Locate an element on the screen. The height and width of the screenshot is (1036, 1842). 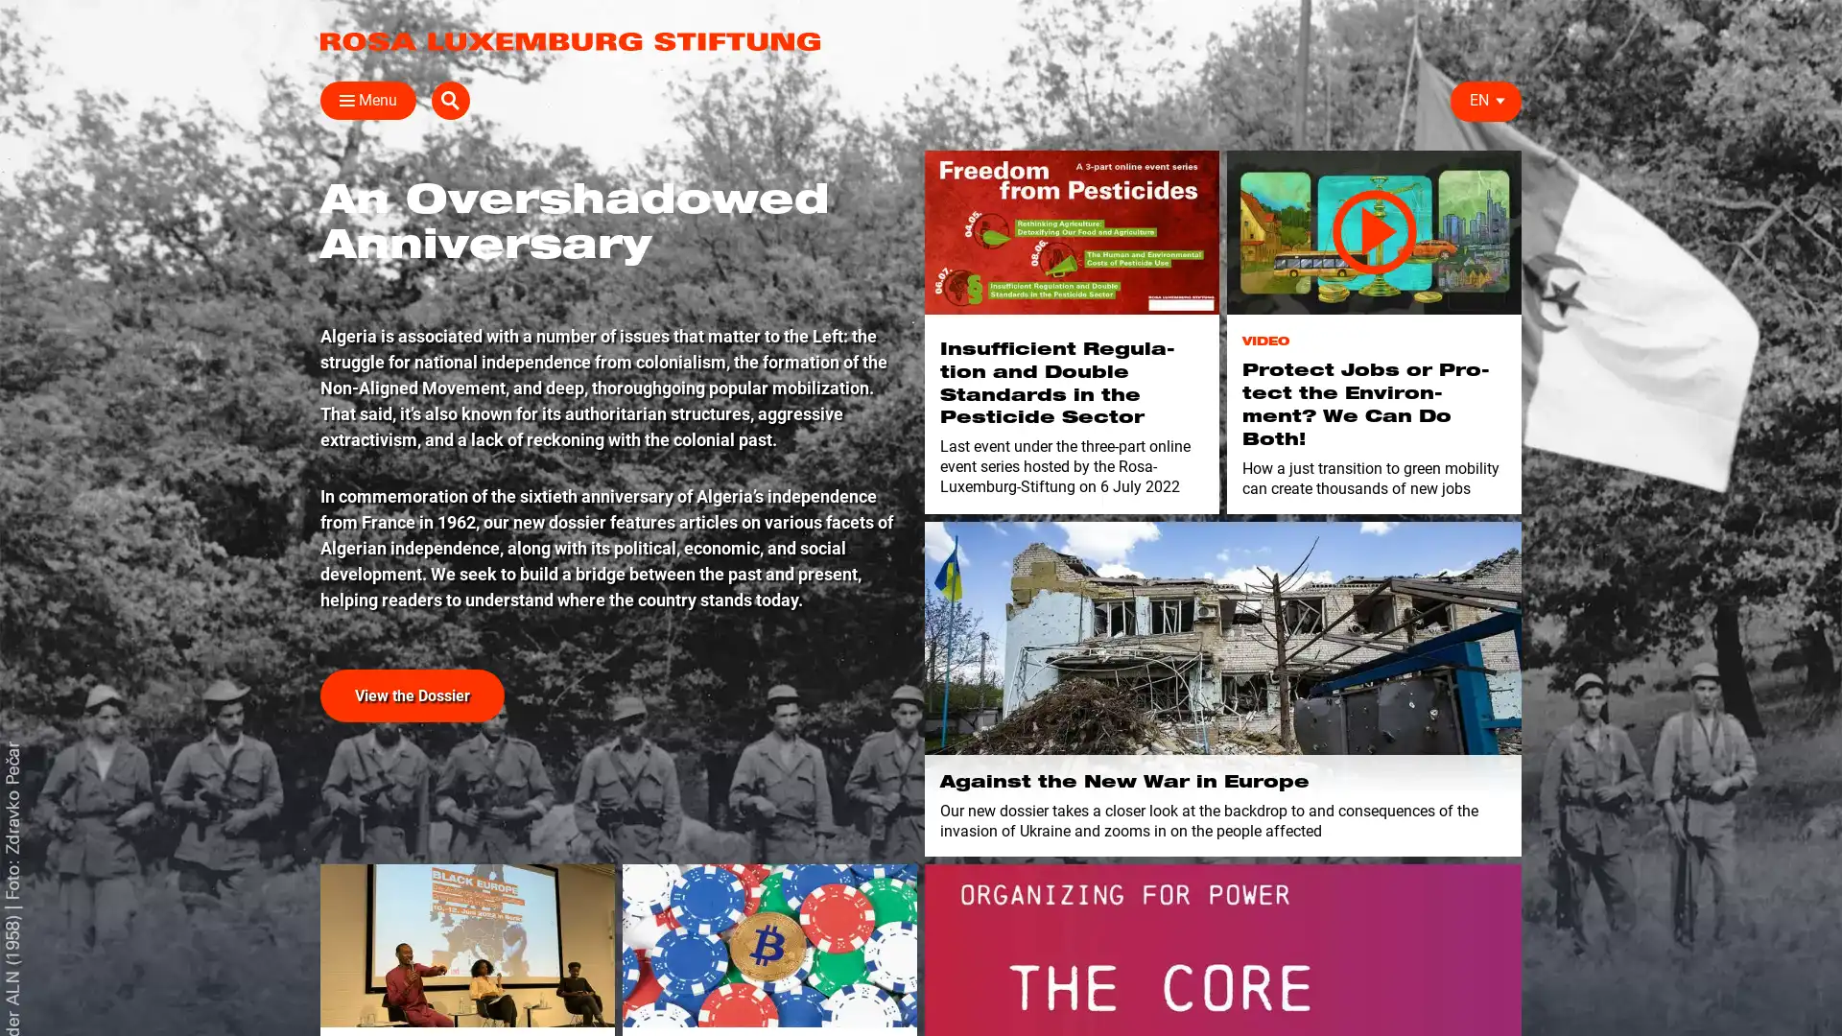
Close is located at coordinates (1499, 140).